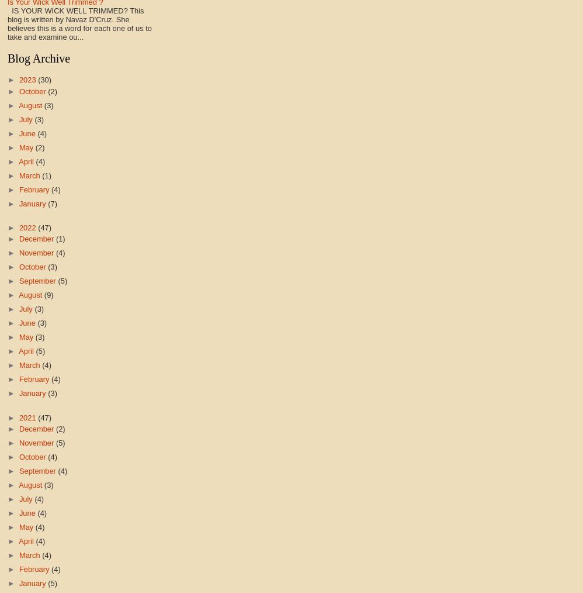 The image size is (583, 593). Describe the element at coordinates (44, 80) in the screenshot. I see `'(30)'` at that location.